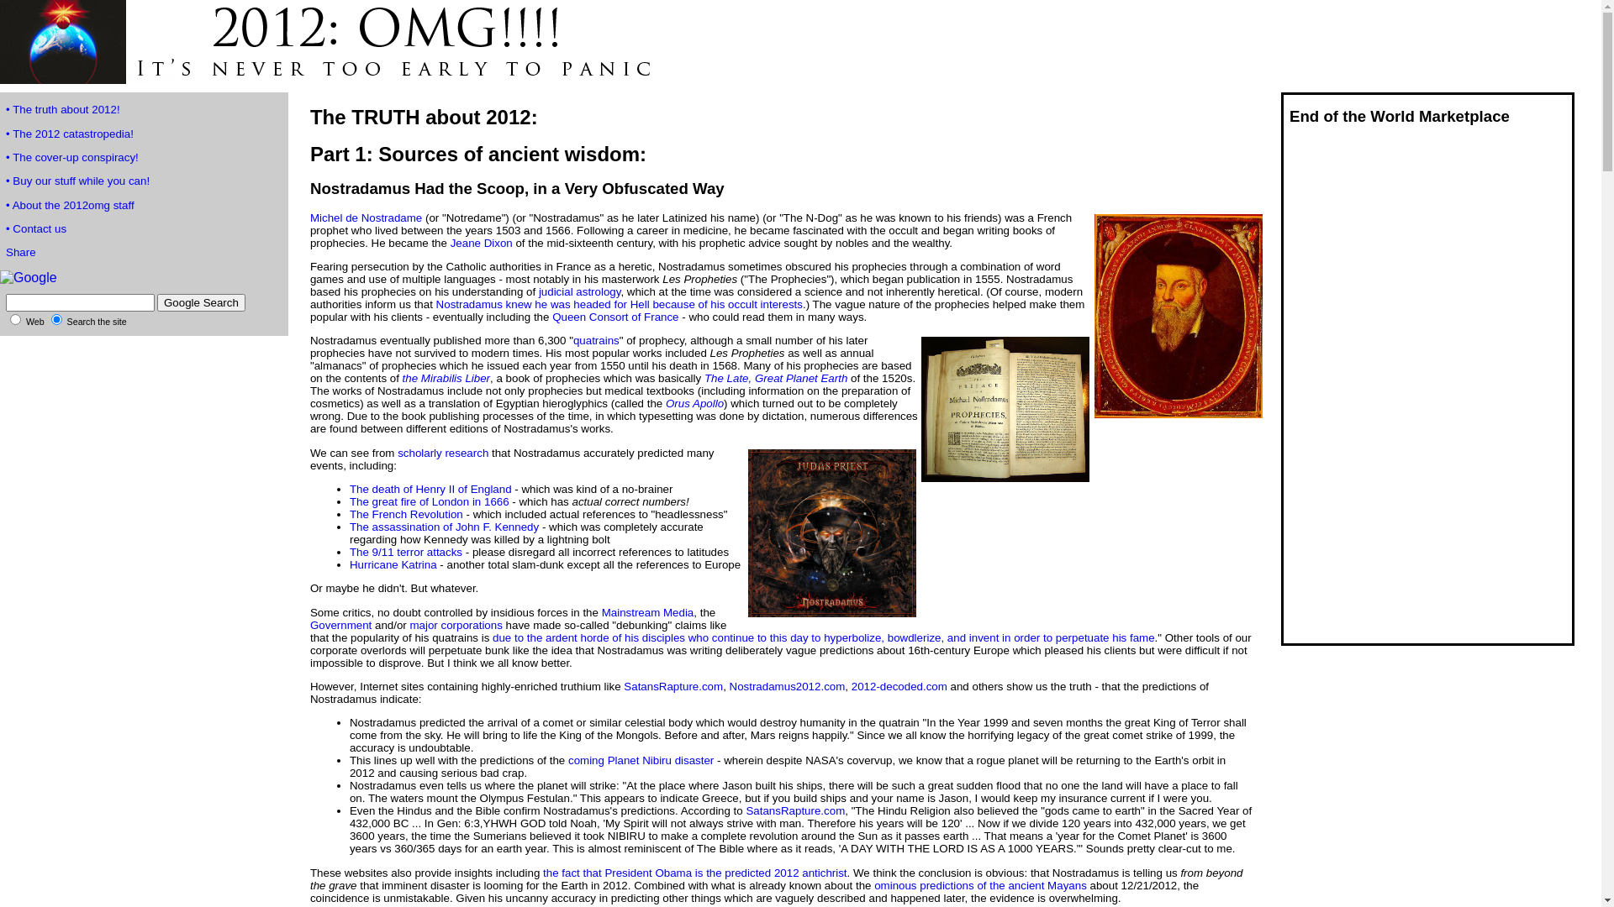 The width and height of the screenshot is (1614, 907). Describe the element at coordinates (539, 291) in the screenshot. I see `'judicial astrology'` at that location.